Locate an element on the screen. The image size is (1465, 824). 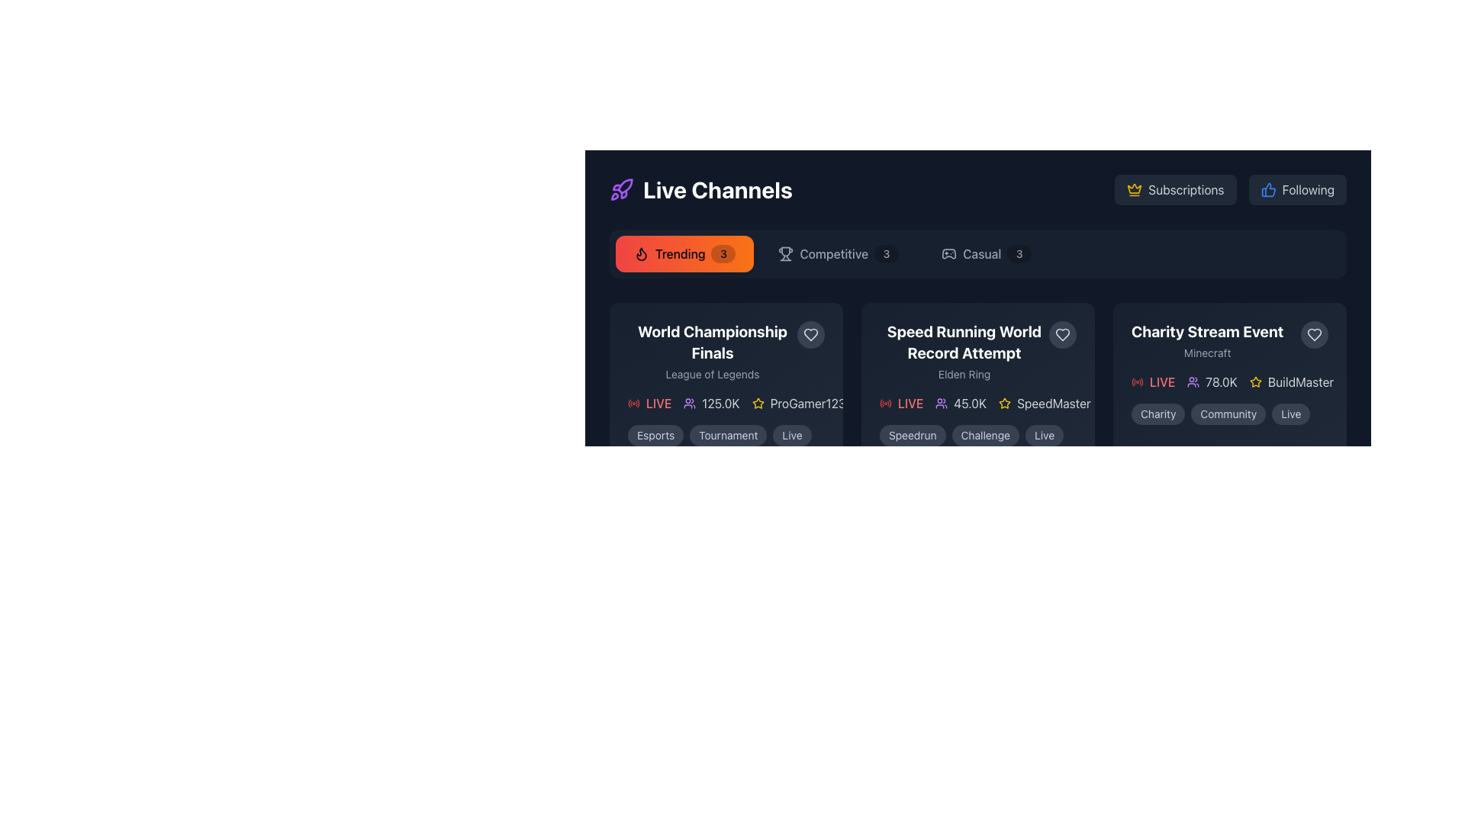
the viewer count icon located to the left of the numeric data '78.0K' is located at coordinates (1193, 381).